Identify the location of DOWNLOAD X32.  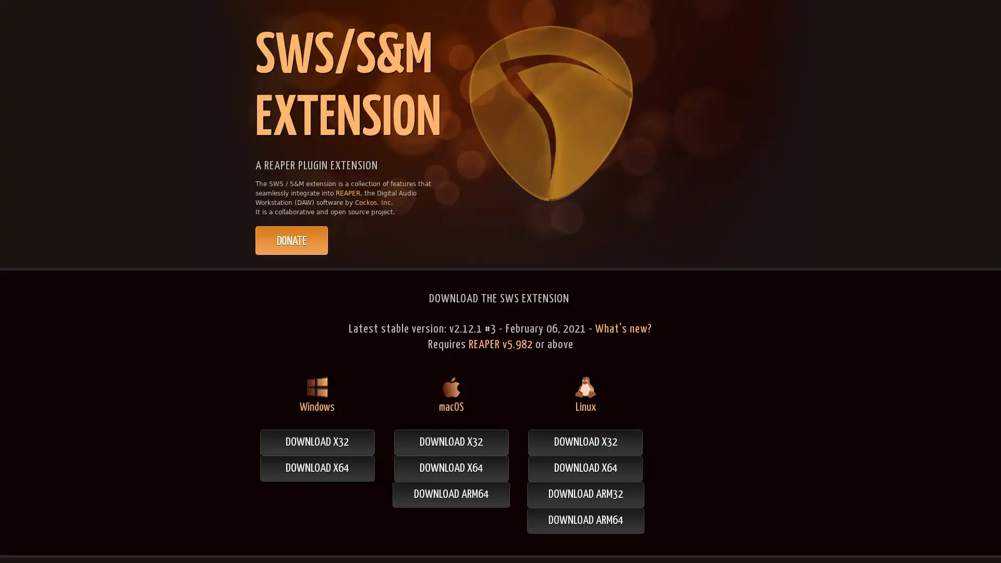
(500, 442).